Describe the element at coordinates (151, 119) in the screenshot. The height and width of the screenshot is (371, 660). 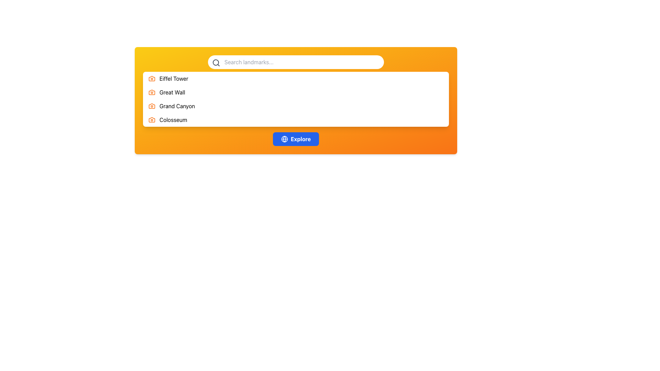
I see `the small, orange-outlined camera icon located to the far left of the last item in the dropdown menu next to the text 'Colosseum'` at that location.